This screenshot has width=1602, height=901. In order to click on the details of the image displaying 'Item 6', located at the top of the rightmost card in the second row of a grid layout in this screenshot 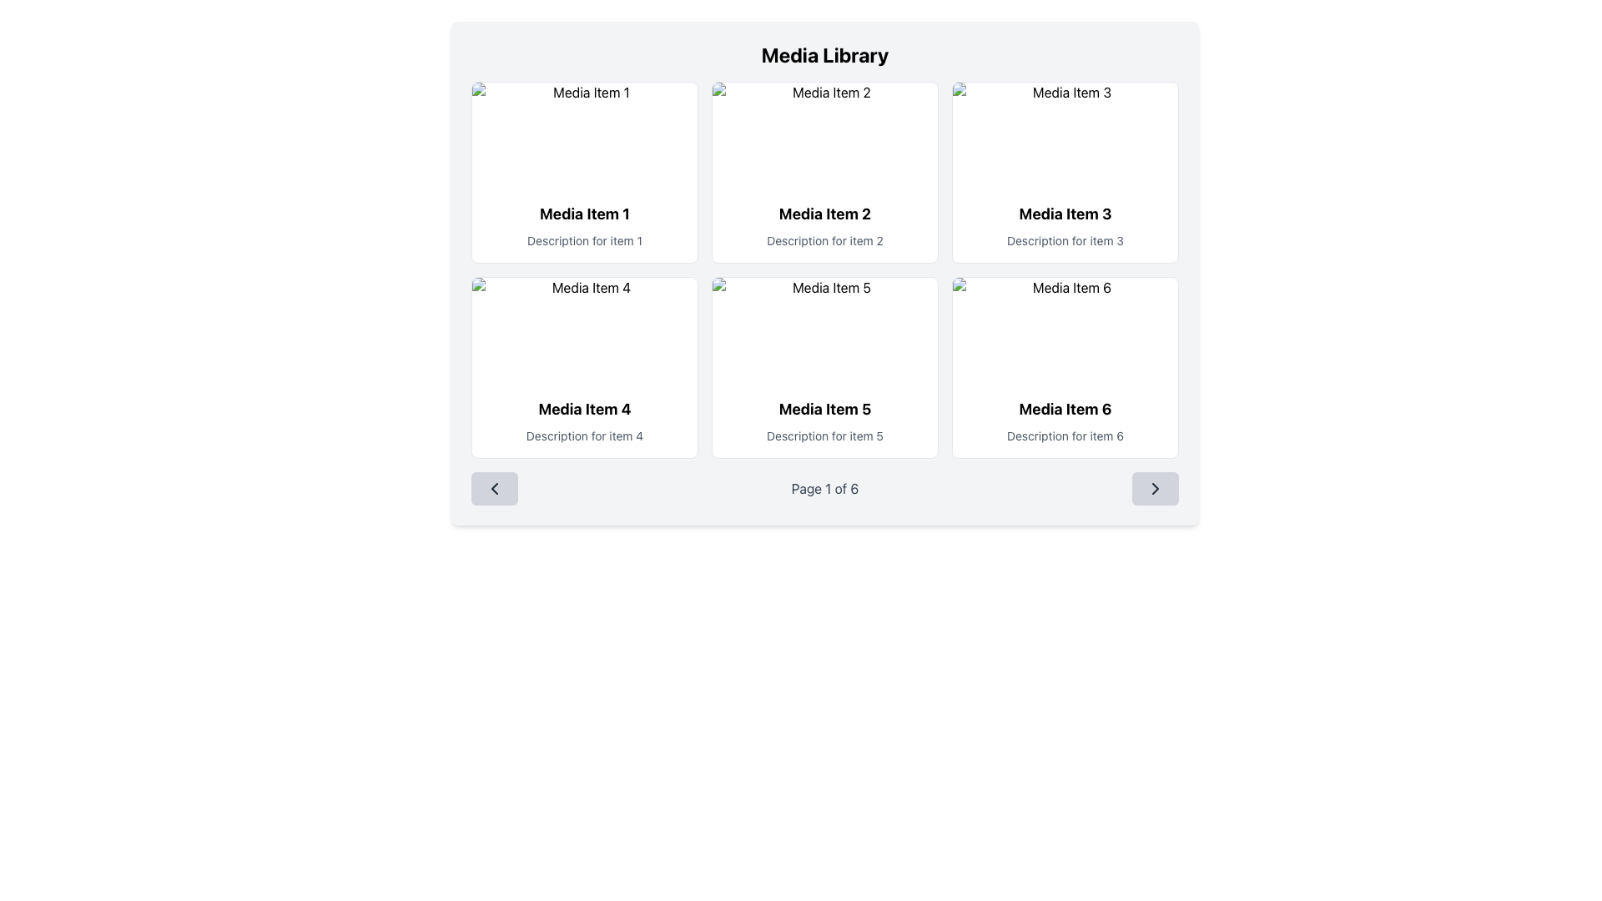, I will do `click(1064, 331)`.